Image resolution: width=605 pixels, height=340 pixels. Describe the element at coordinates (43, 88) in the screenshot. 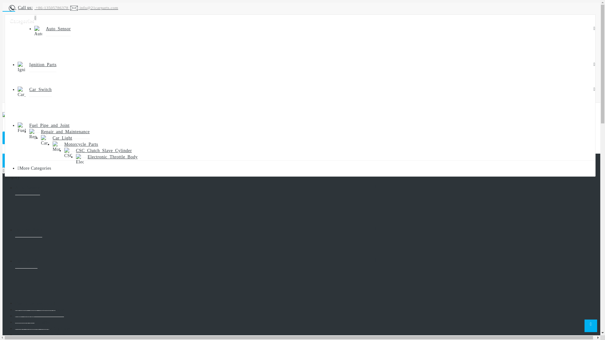

I see `'Login'` at that location.